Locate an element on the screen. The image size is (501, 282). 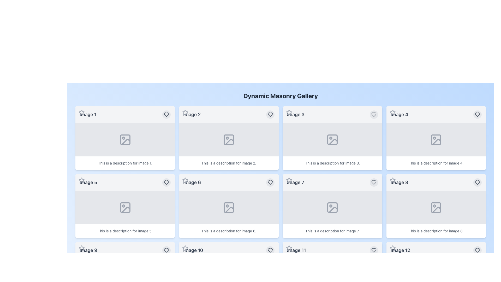
the circular button with a filled heart icon inside it, located in the bottom-right corner of the card labeled 'Image 10', to favorite is located at coordinates (270, 250).